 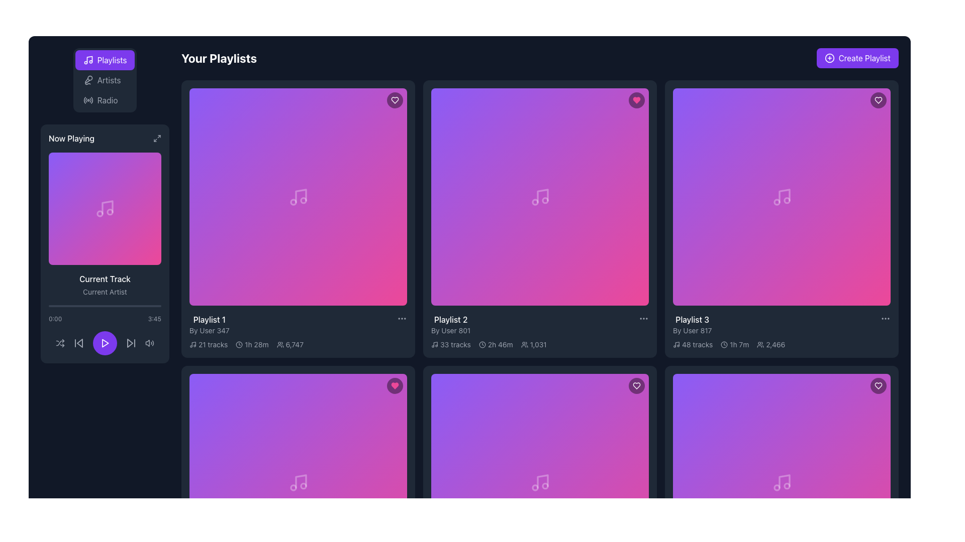 What do you see at coordinates (500, 344) in the screenshot?
I see `duration information displayed as '2h 46m' in the Text Label within the 'Playlist 2' card in the 'Your Playlists' grid` at bounding box center [500, 344].